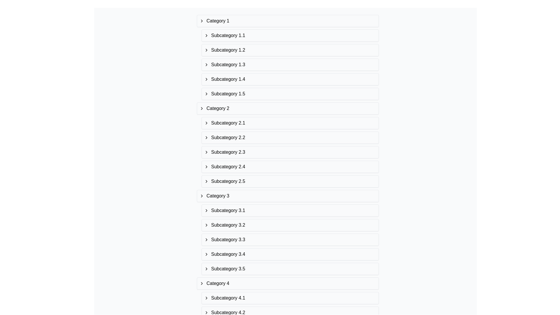 The width and height of the screenshot is (560, 315). What do you see at coordinates (290, 123) in the screenshot?
I see `the first row of the 'Subcategory' list under 'Category 2'` at bounding box center [290, 123].